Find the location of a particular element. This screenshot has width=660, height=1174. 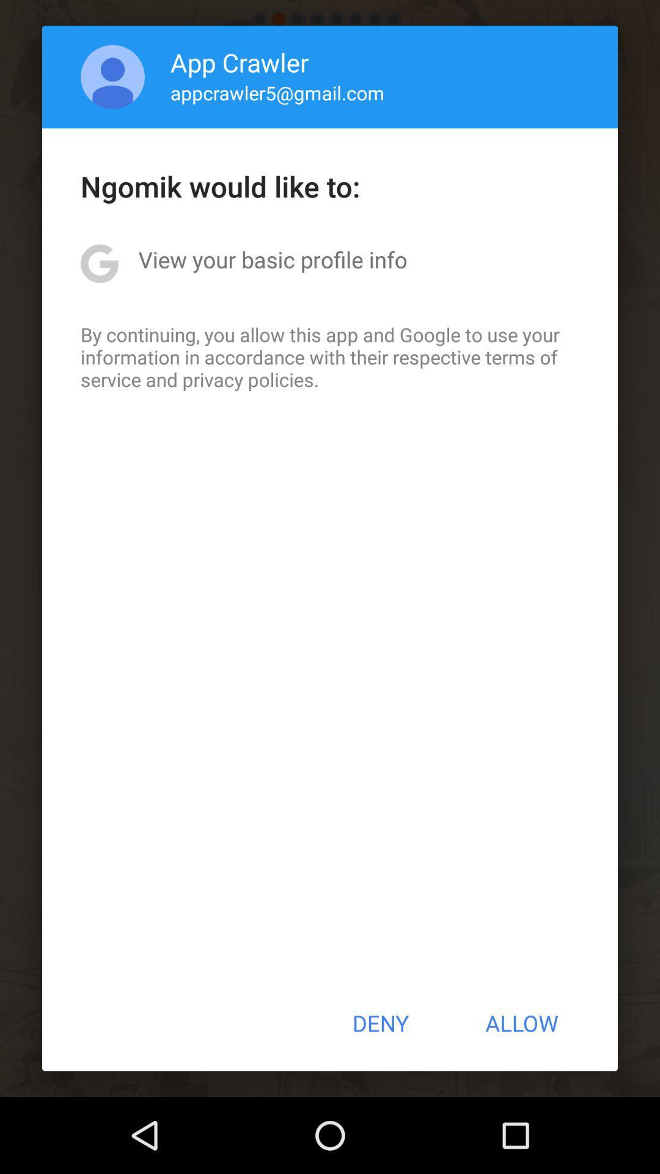

item below the ngomik would like is located at coordinates (272, 259).